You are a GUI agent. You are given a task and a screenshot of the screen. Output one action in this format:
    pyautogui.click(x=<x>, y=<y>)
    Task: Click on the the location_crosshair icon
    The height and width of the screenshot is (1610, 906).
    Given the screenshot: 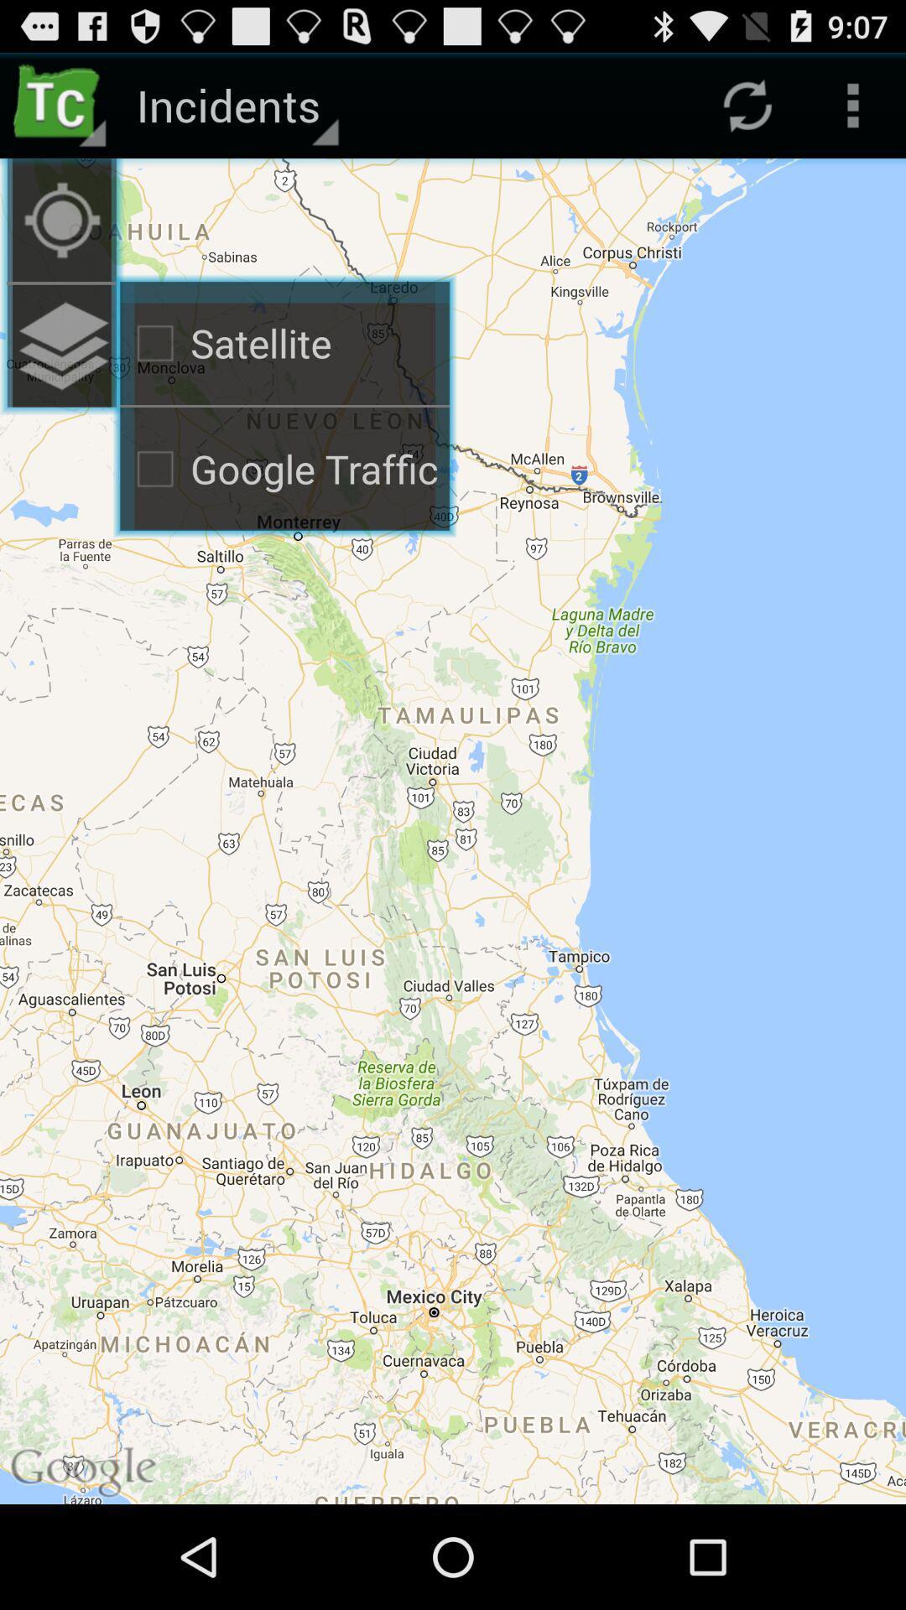 What is the action you would take?
    pyautogui.click(x=60, y=234)
    